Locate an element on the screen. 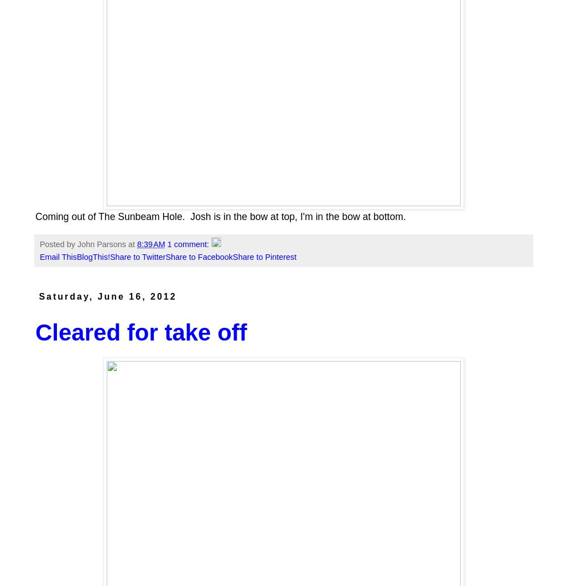  '1 comment:' is located at coordinates (189, 244).